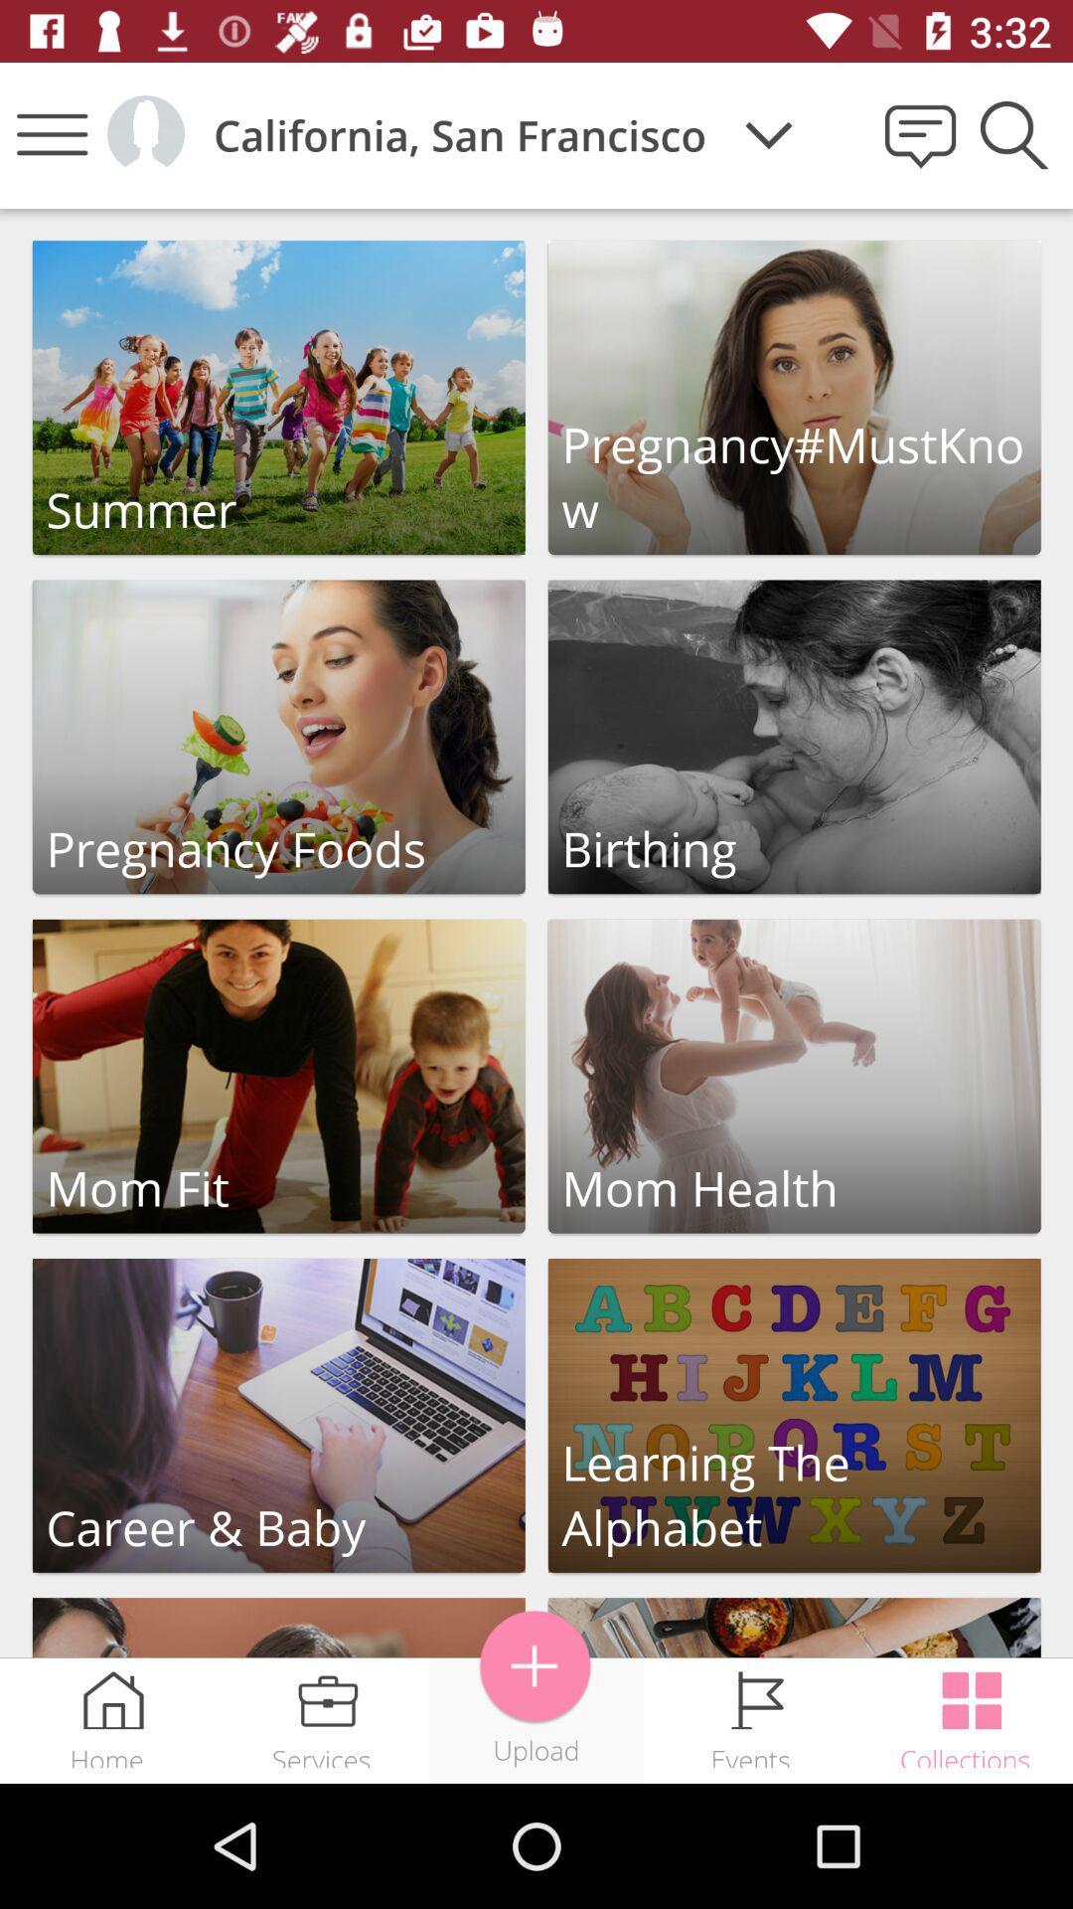 The width and height of the screenshot is (1073, 1909). What do you see at coordinates (535, 1666) in the screenshot?
I see `the add icon` at bounding box center [535, 1666].